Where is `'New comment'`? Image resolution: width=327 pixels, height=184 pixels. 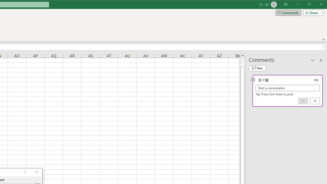 'New comment' is located at coordinates (257, 68).